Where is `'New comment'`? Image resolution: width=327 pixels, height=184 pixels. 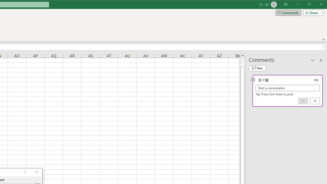 'New comment' is located at coordinates (257, 68).